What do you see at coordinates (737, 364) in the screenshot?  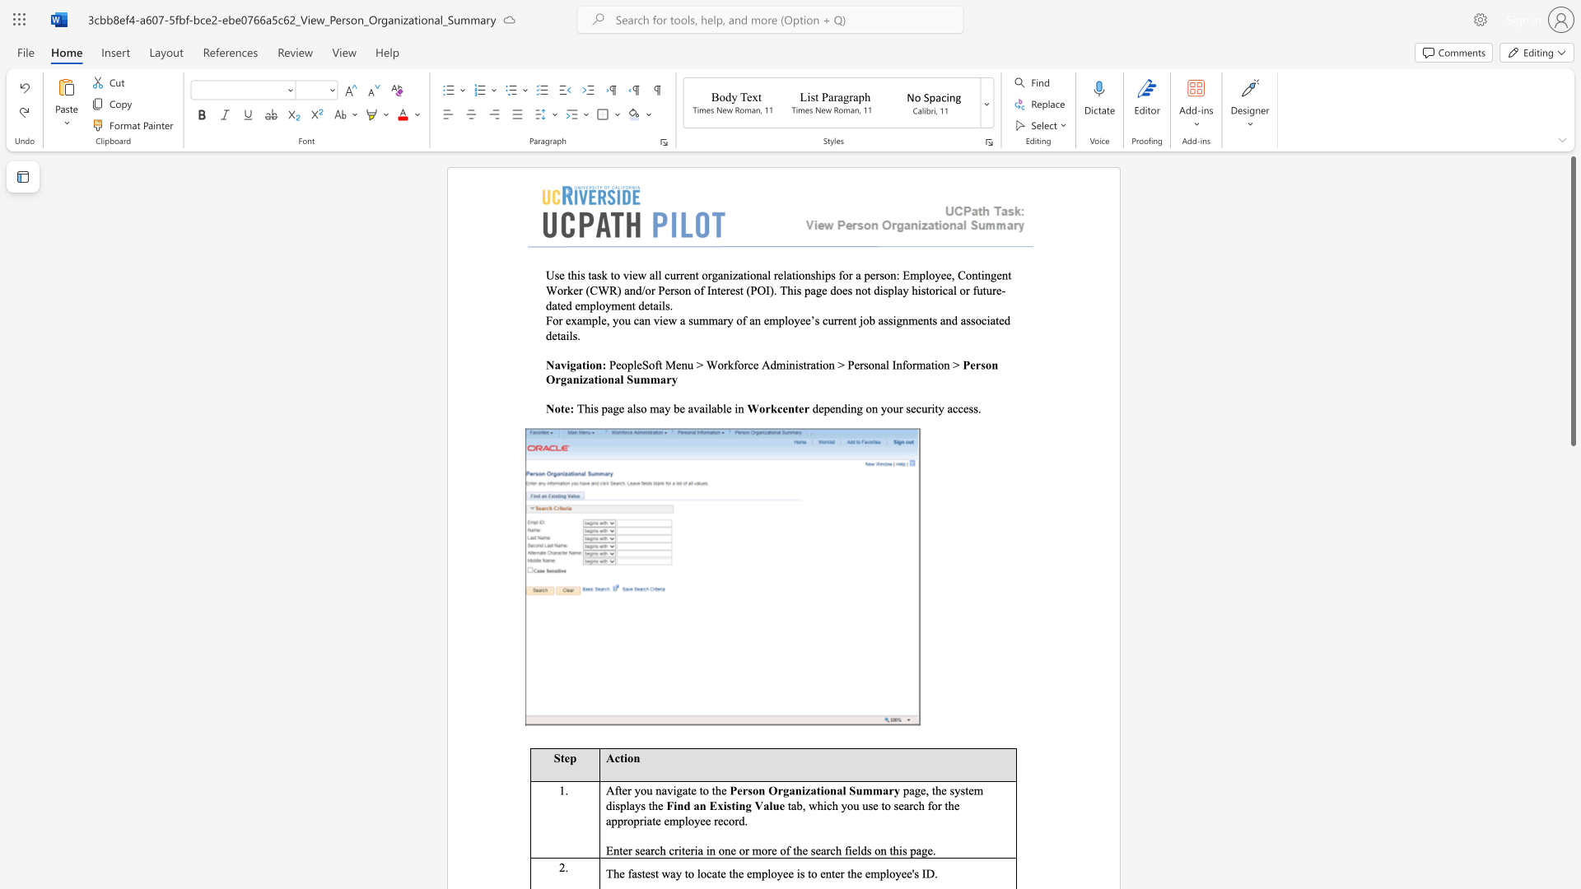 I see `the subset text "orce Administr" within the text "PeopleSoft Menu > Workforce Administration > Personal Information >"` at bounding box center [737, 364].